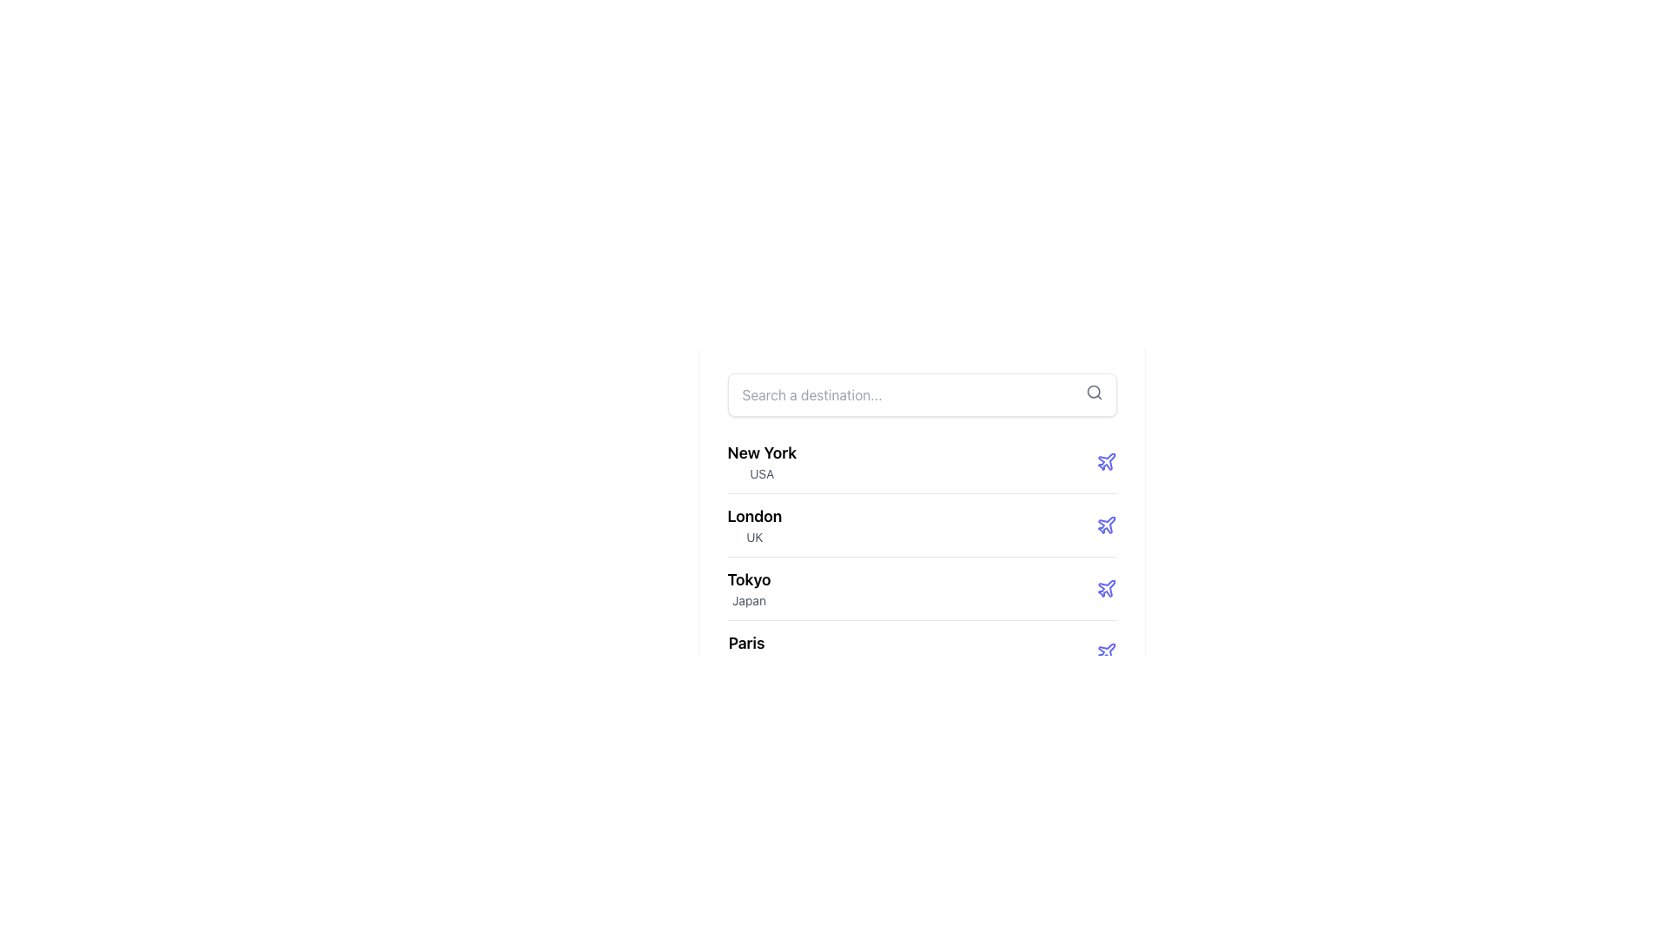  Describe the element at coordinates (921, 461) in the screenshot. I see `the first list item displaying 'New York' and 'USA'` at that location.